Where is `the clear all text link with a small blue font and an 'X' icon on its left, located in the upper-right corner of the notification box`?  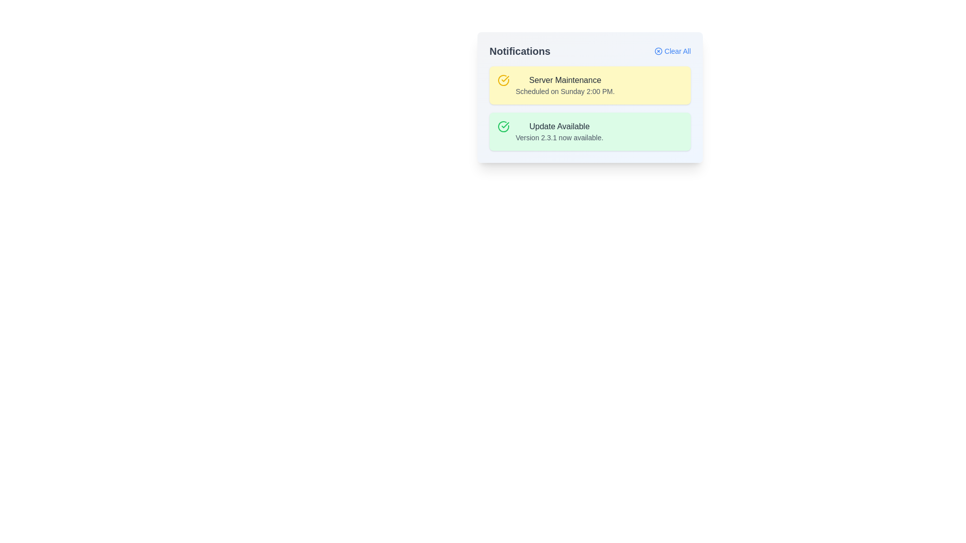 the clear all text link with a small blue font and an 'X' icon on its left, located in the upper-right corner of the notification box is located at coordinates (672, 51).